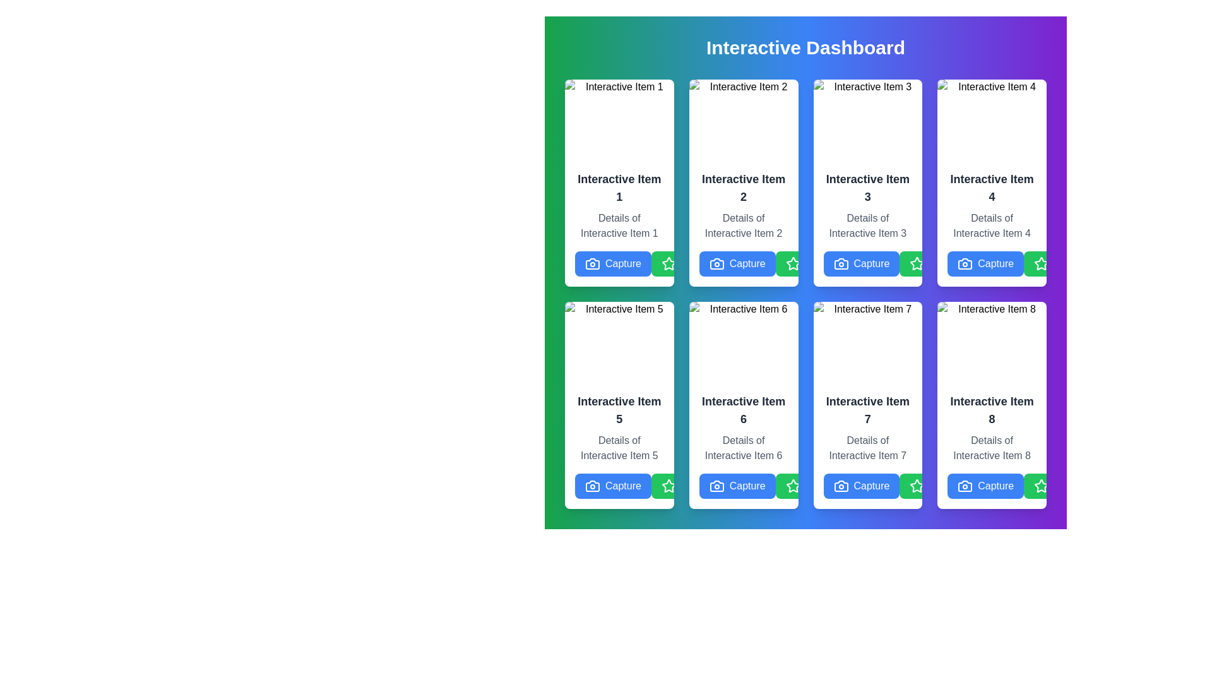  Describe the element at coordinates (814, 486) in the screenshot. I see `the green 'Favorite' button with a white star icon located between the blue 'Capture' button and the red 'Like' button at the bottom of the interactive item 6 card` at that location.